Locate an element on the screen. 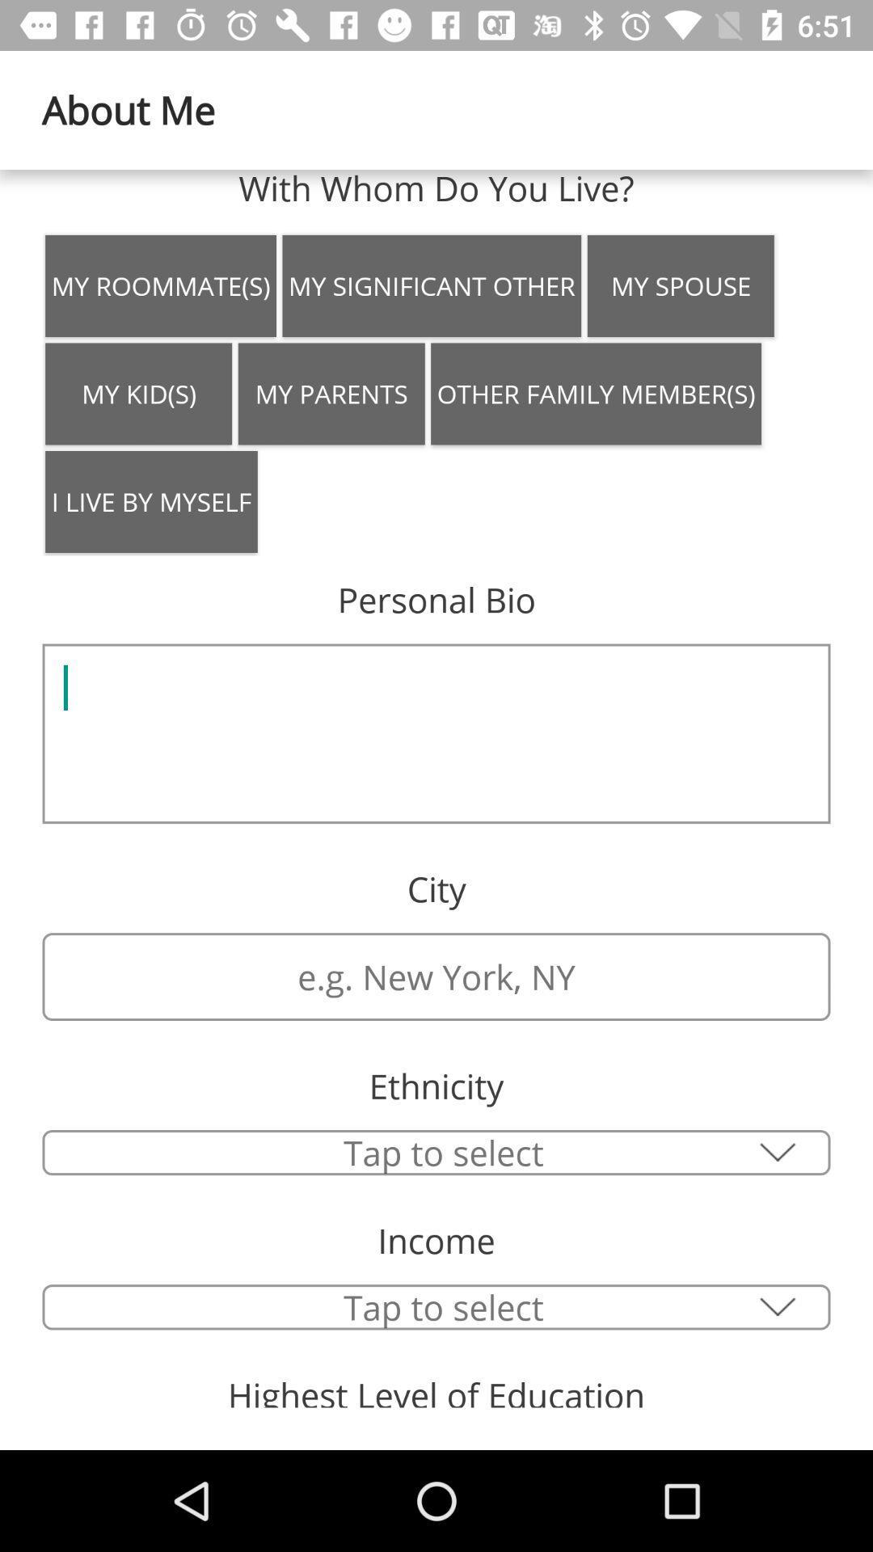  the icon below the personal bio item is located at coordinates (436, 732).